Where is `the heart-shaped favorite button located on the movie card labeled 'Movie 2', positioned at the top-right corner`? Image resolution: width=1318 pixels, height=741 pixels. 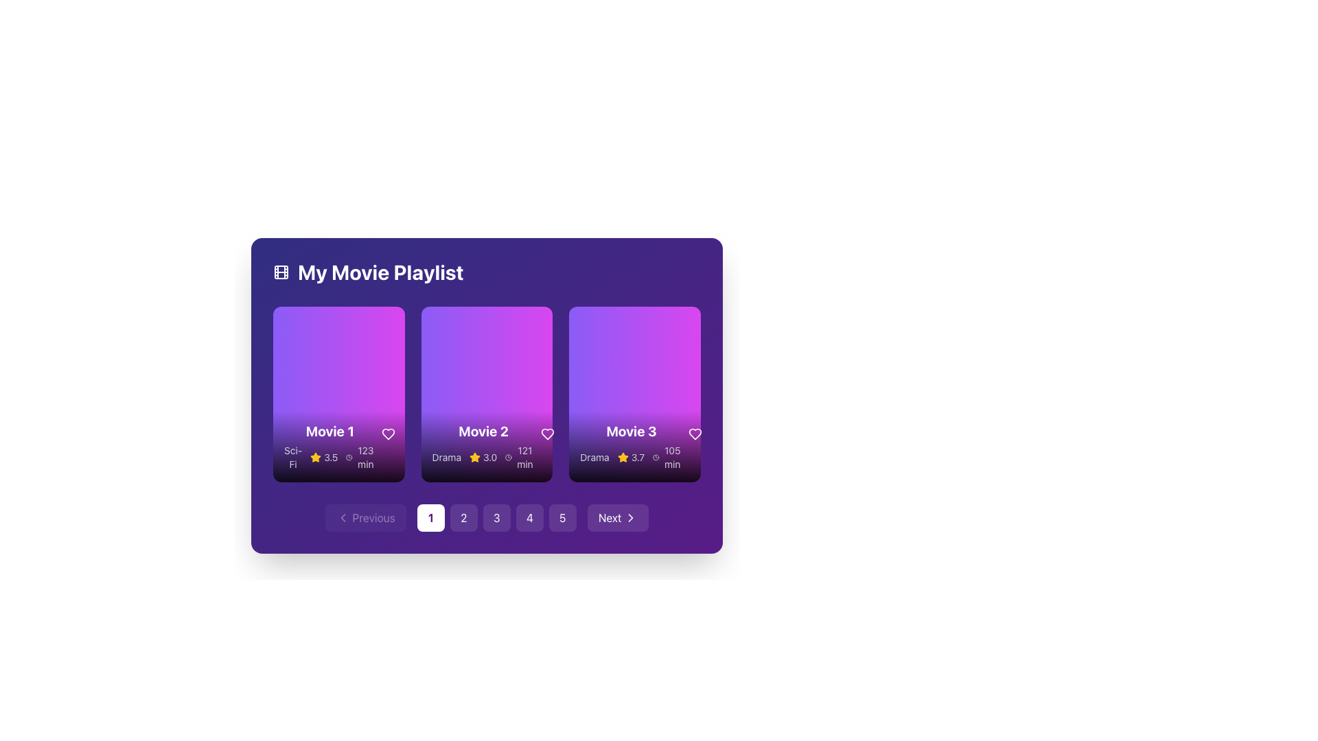 the heart-shaped favorite button located on the movie card labeled 'Movie 2', positioned at the top-right corner is located at coordinates (546, 434).